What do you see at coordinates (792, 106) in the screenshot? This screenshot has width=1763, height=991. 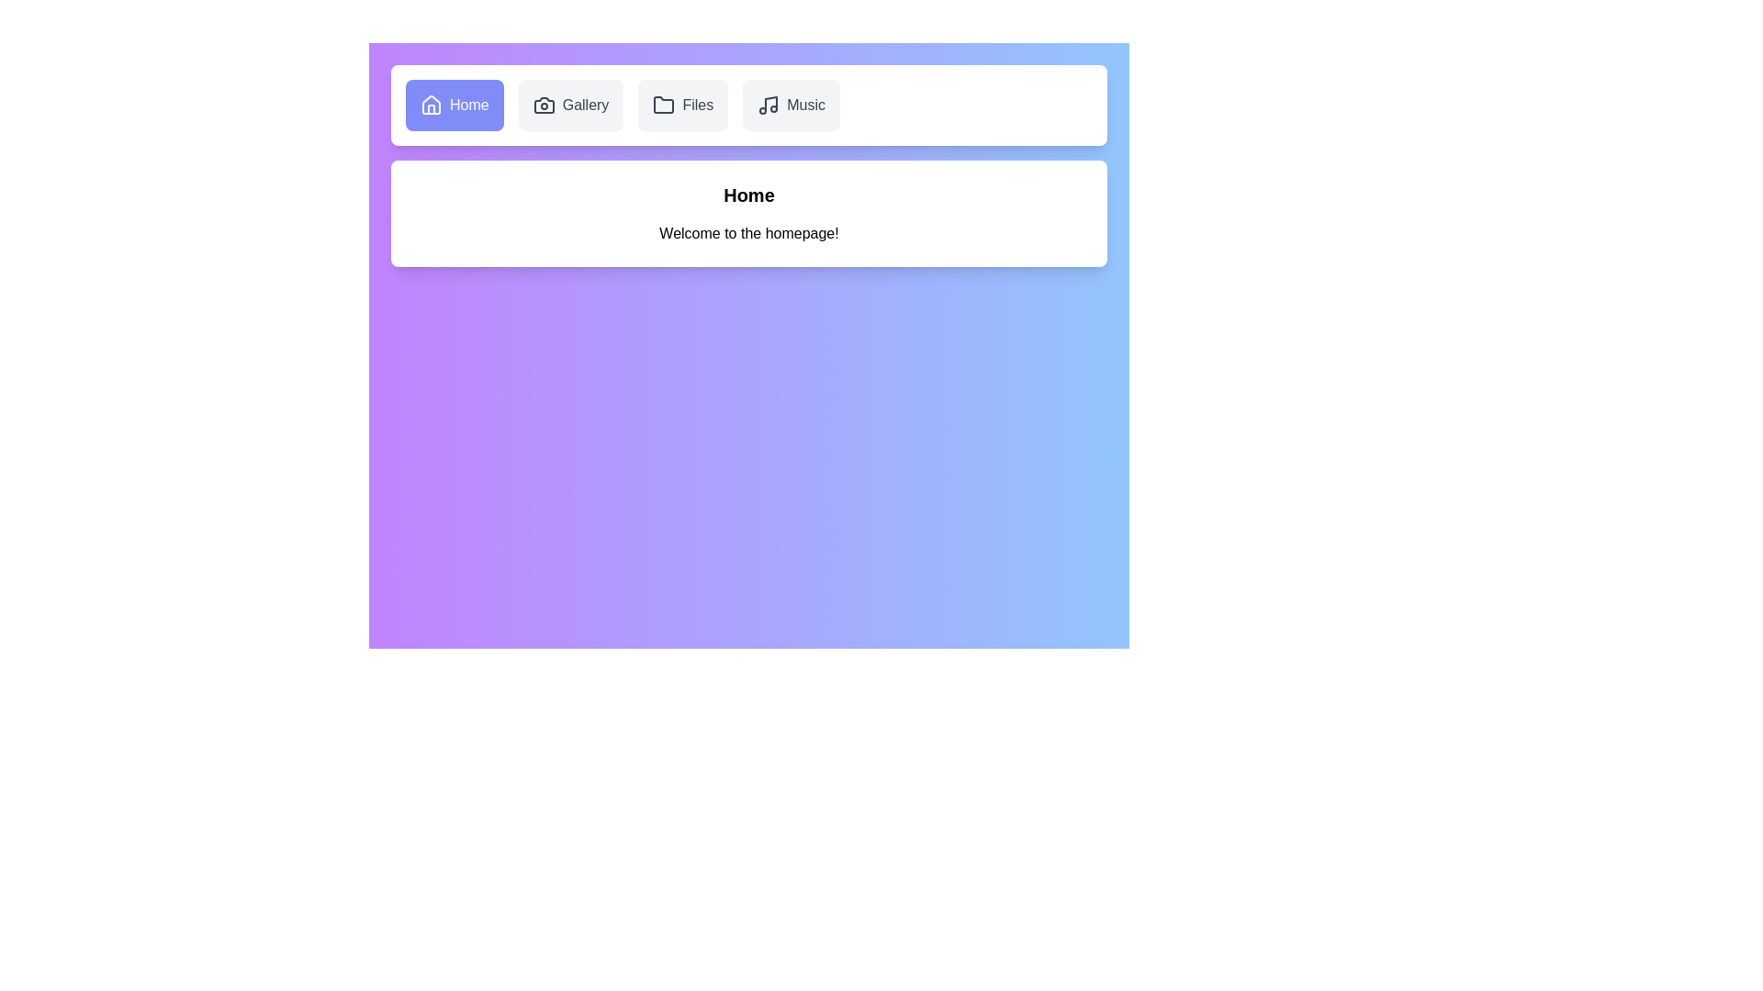 I see `the tab labeled Music` at bounding box center [792, 106].